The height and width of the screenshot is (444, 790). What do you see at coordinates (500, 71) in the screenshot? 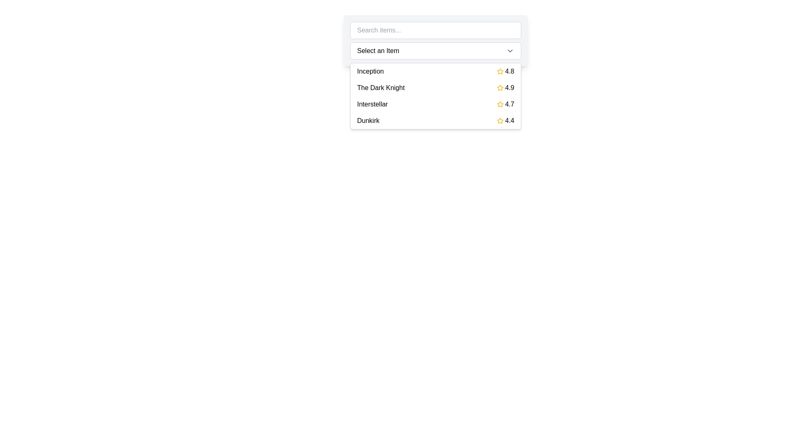
I see `the star icon representing the rating for the movie 'Inception' to assess its visual representation` at bounding box center [500, 71].